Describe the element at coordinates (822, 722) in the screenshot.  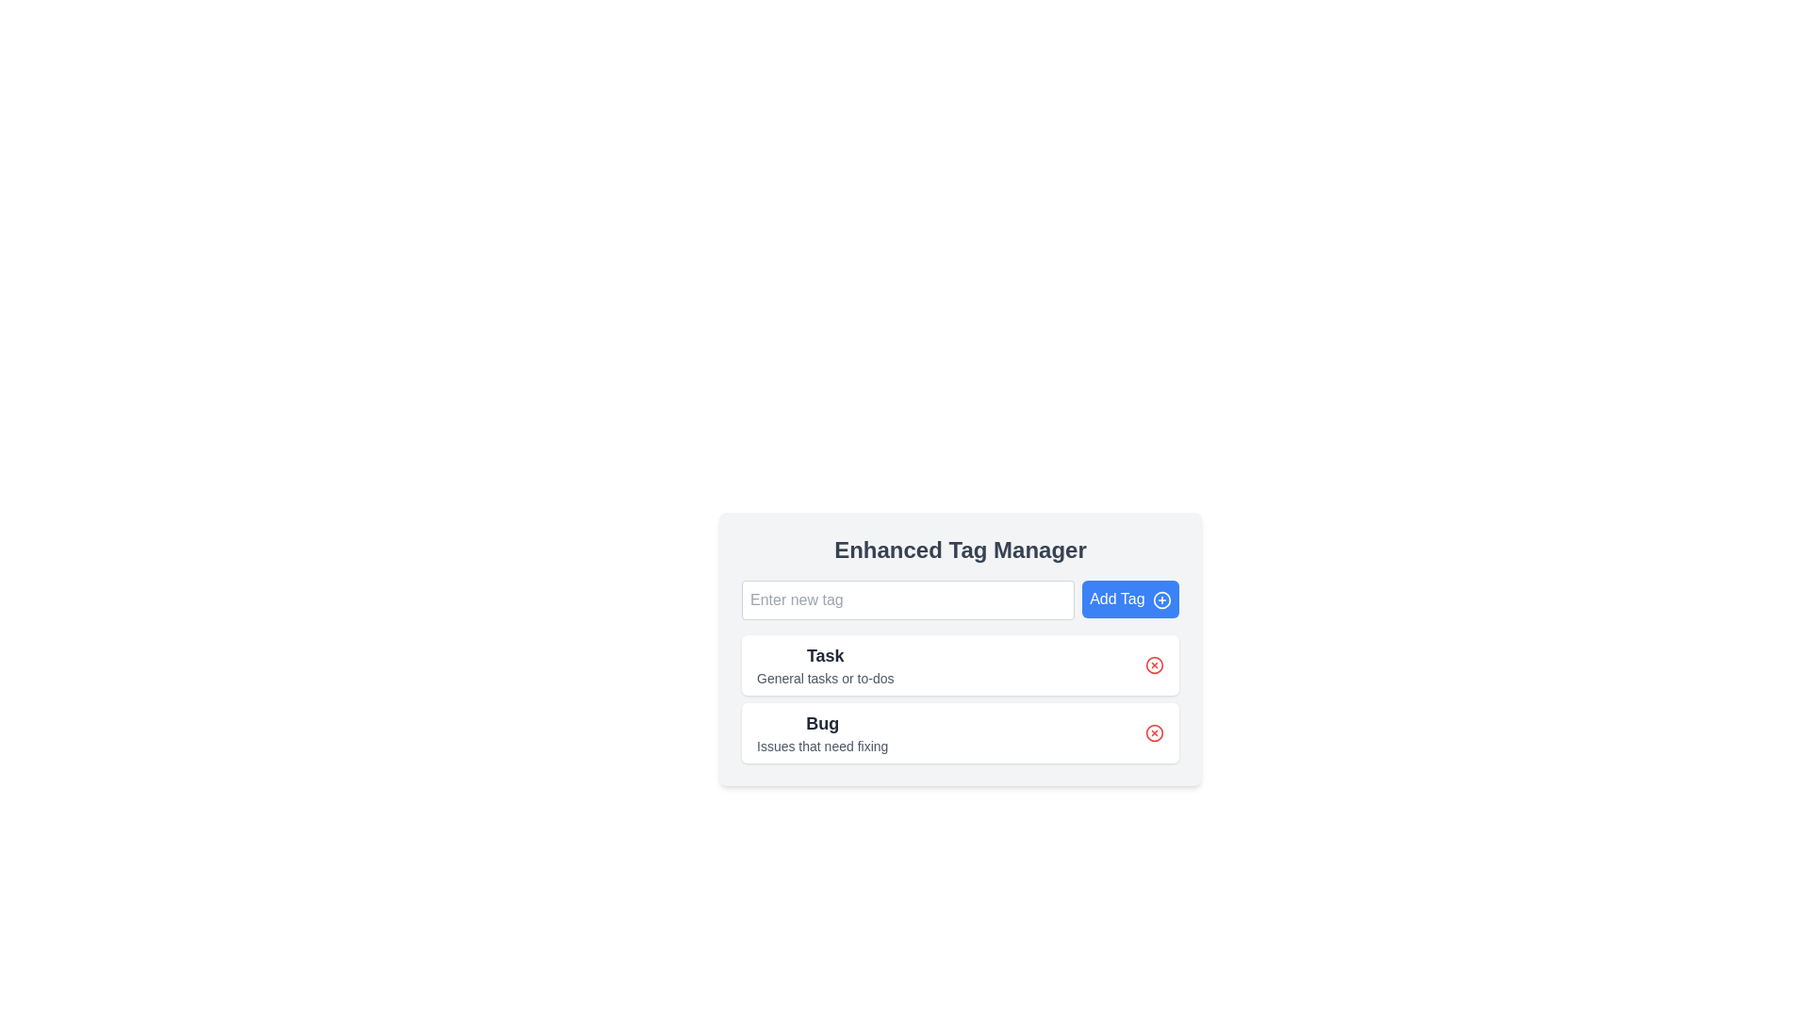
I see `the text label displaying 'Bug' in bold, located in the 'BugIssues that need fixing' section, to interact with its associated functionality` at that location.